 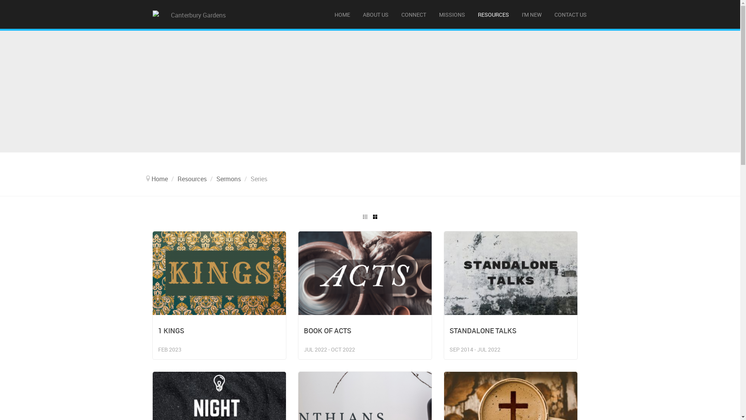 What do you see at coordinates (375, 217) in the screenshot?
I see `'grid'` at bounding box center [375, 217].